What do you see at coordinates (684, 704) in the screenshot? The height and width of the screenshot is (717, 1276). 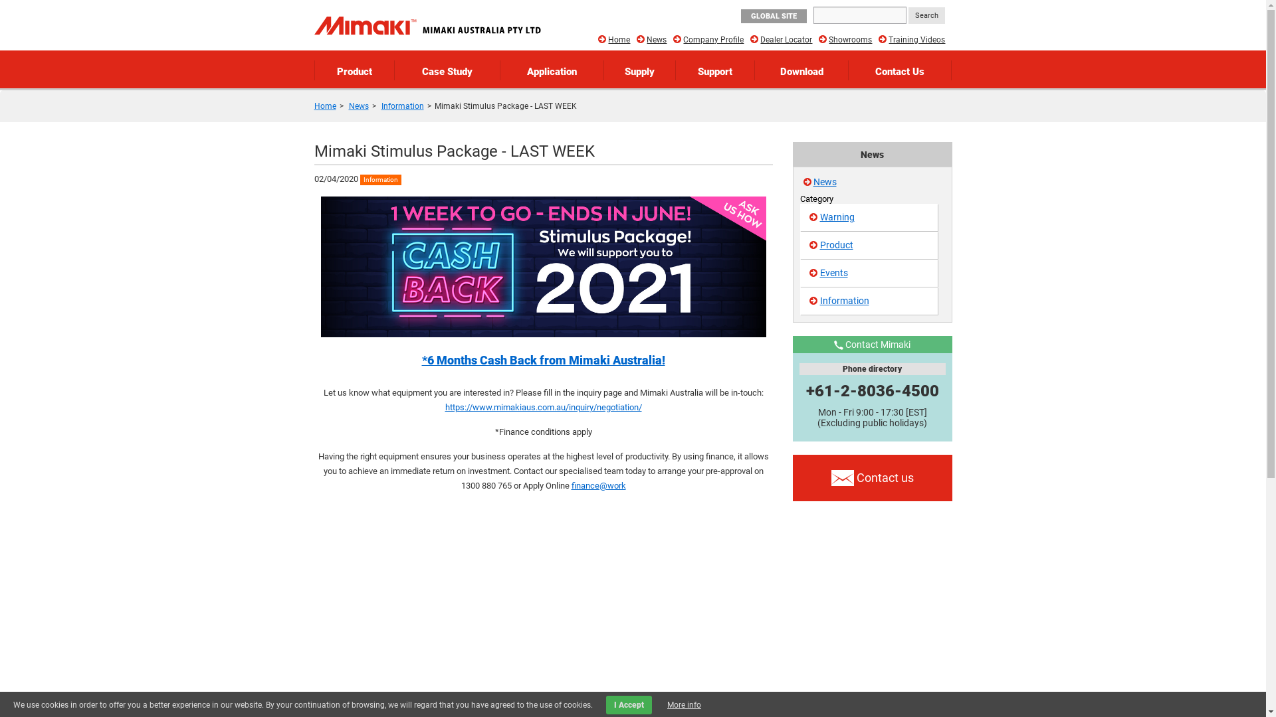 I see `'More info'` at bounding box center [684, 704].